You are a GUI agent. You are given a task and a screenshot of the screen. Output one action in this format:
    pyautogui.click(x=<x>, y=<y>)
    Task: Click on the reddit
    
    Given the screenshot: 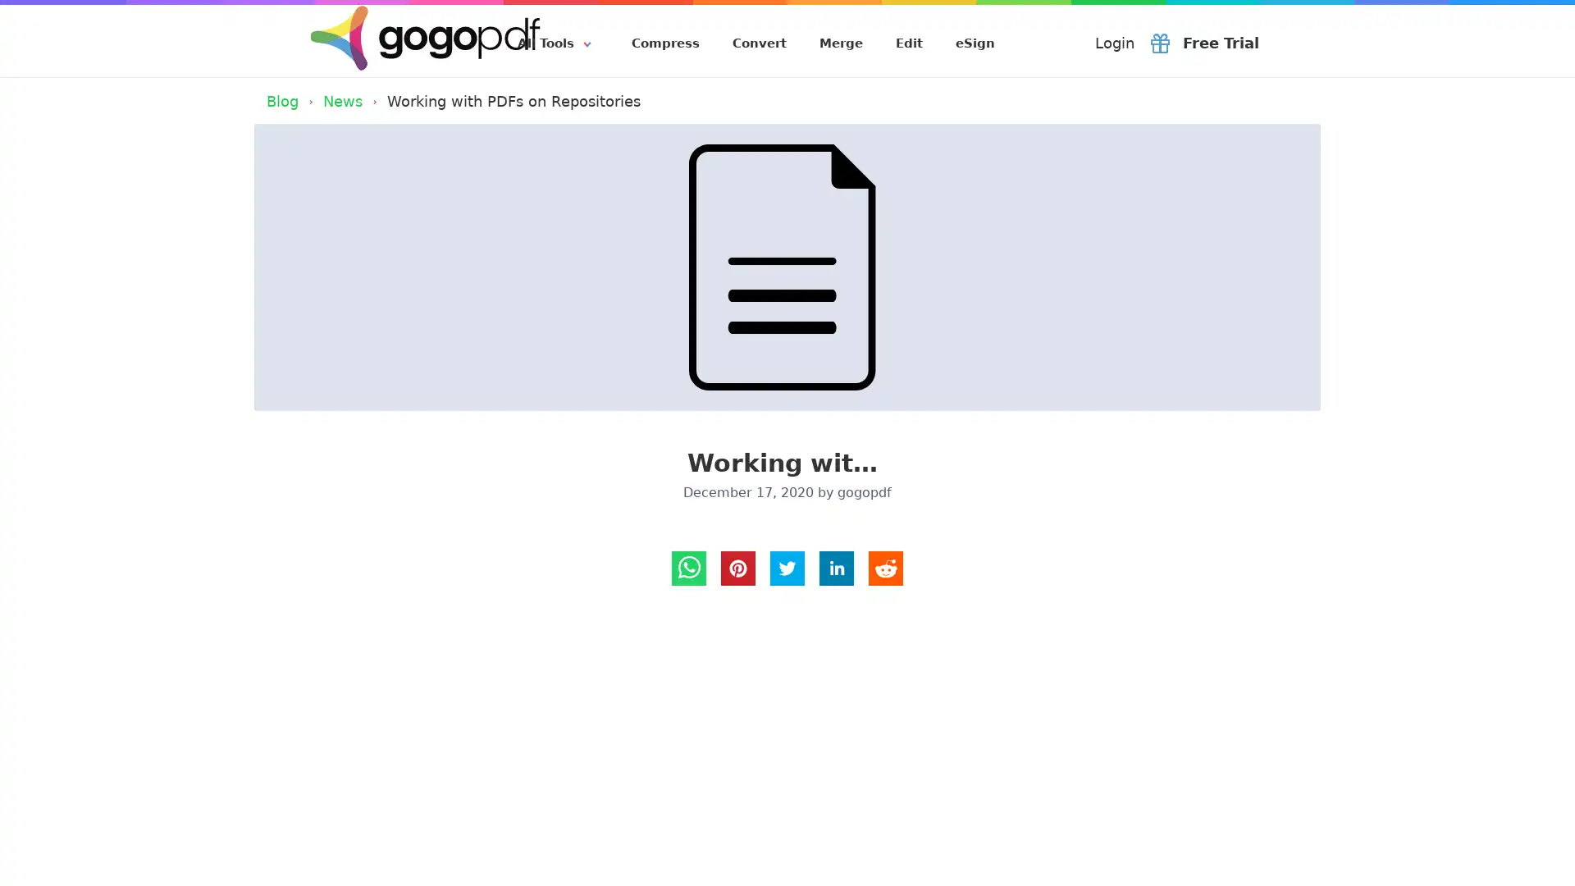 What is the action you would take?
    pyautogui.click(x=885, y=568)
    